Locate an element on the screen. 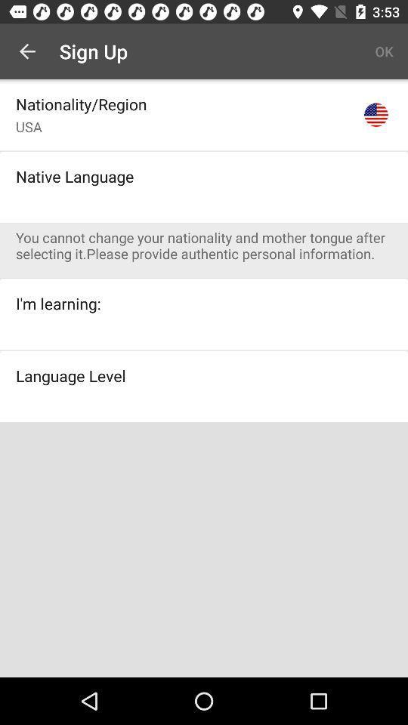  native language is located at coordinates (74, 176).